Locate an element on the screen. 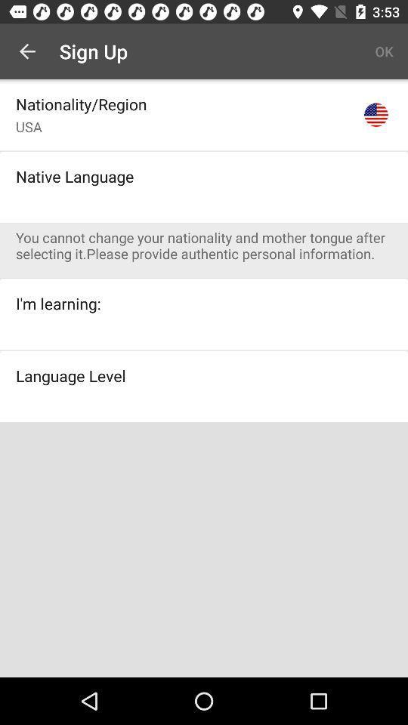  native language is located at coordinates (74, 176).